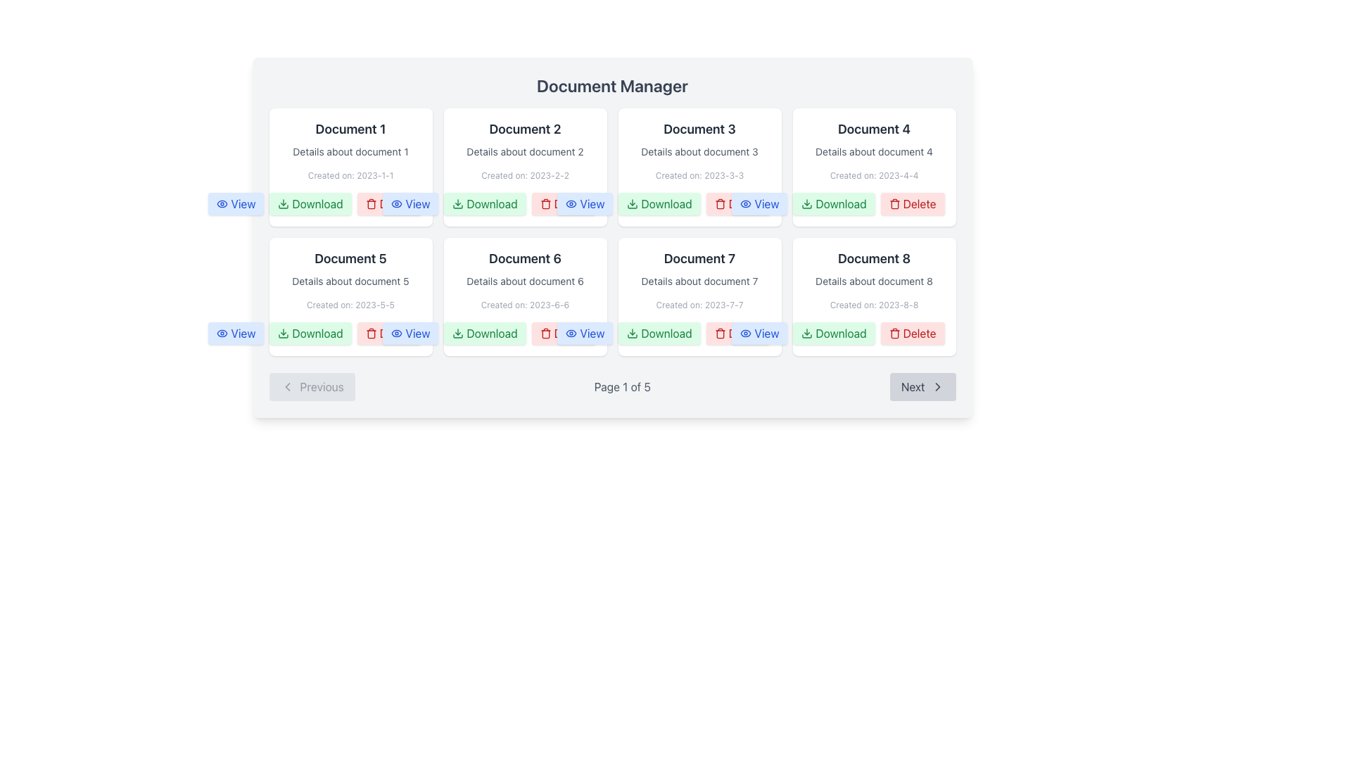  Describe the element at coordinates (937, 387) in the screenshot. I see `the chevron icon located within the 'Next' button at the bottom-right corner of the interface, which indicates progression to the next page or section` at that location.